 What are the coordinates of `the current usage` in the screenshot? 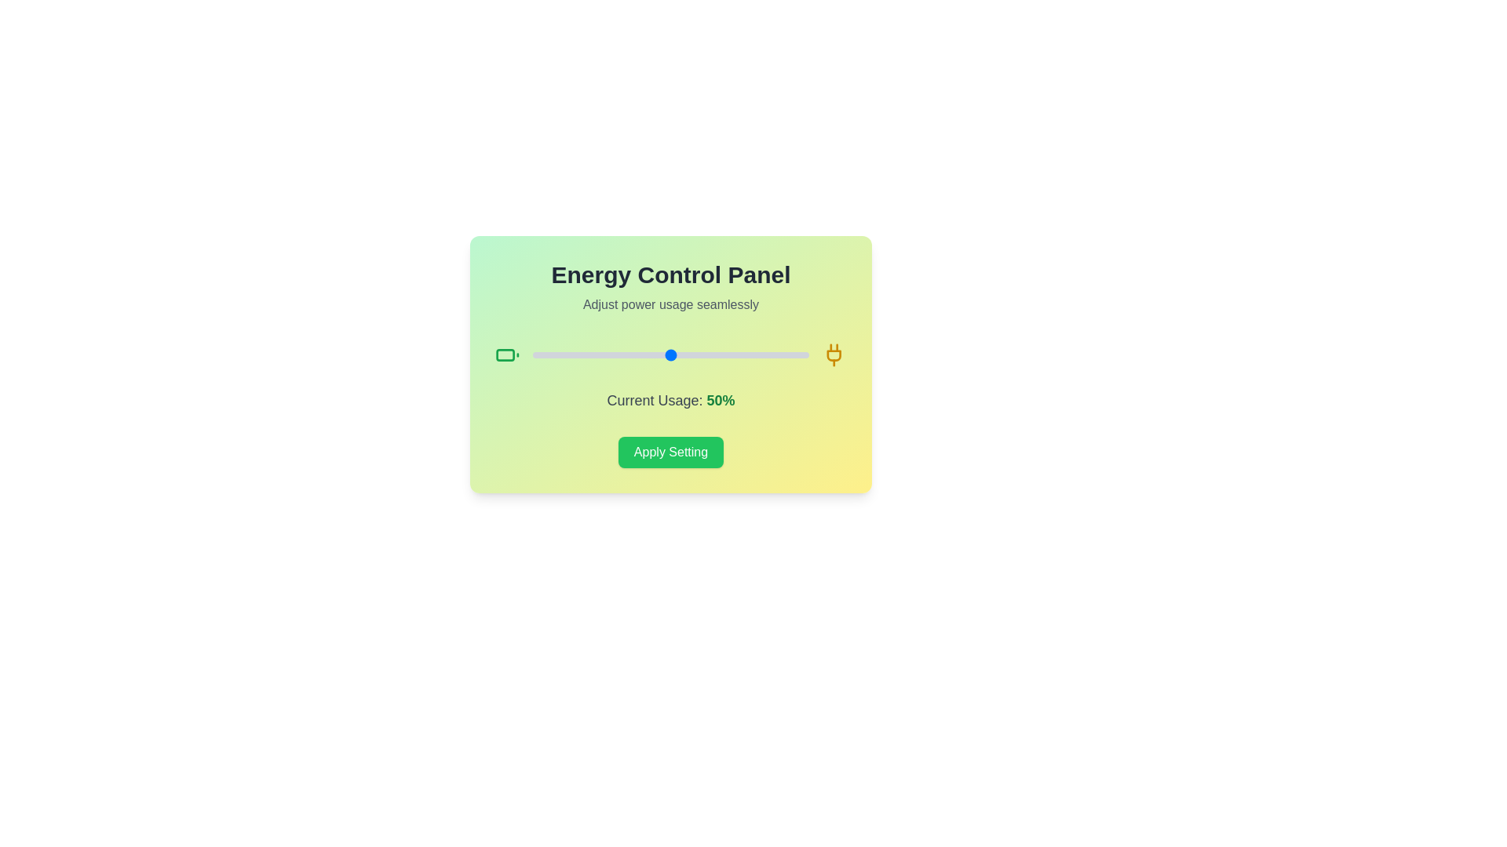 It's located at (617, 354).